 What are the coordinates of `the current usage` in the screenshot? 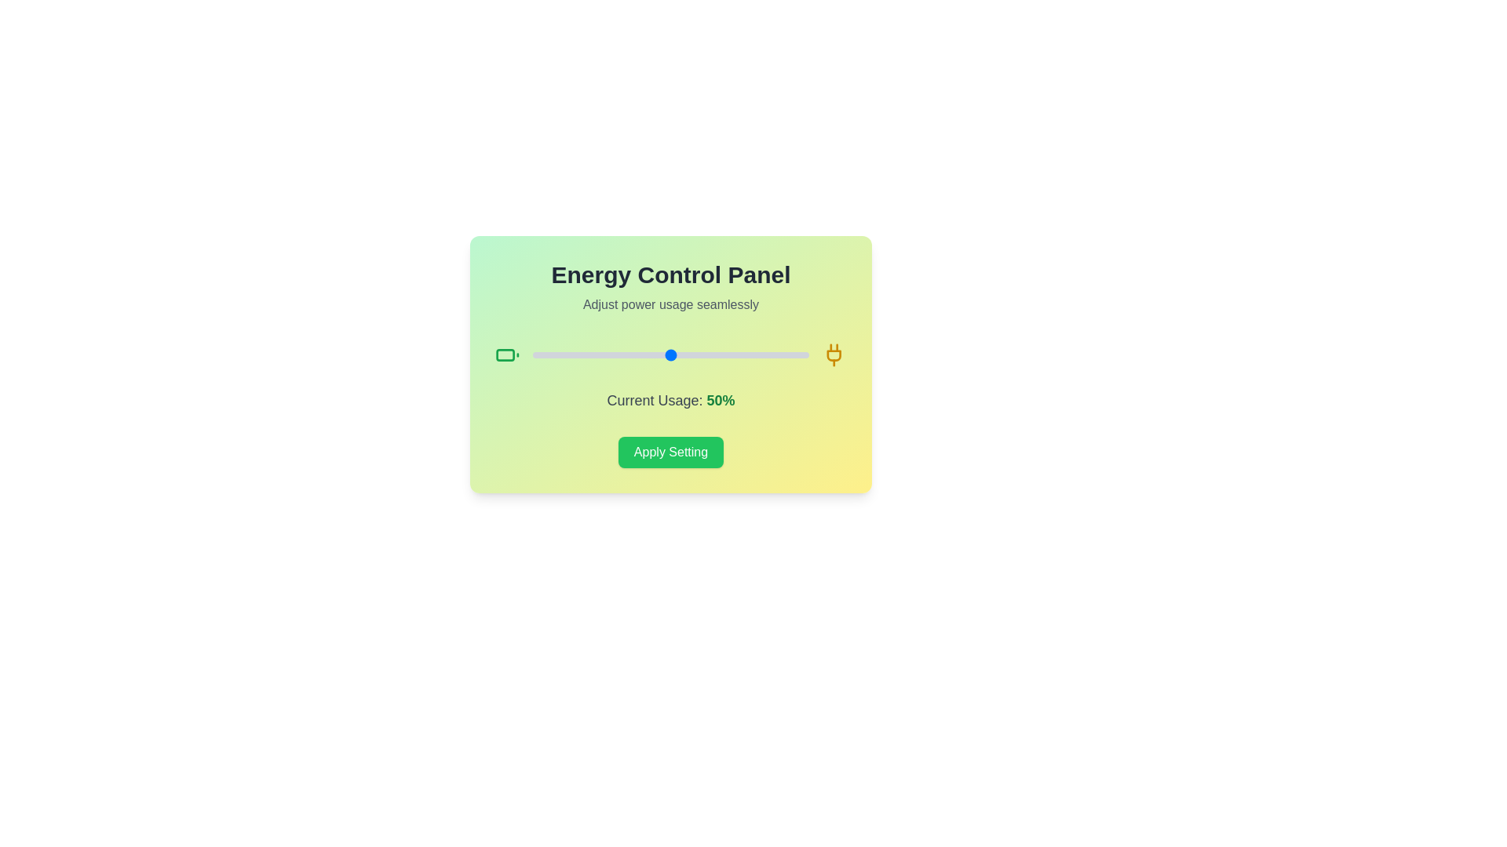 It's located at (617, 354).